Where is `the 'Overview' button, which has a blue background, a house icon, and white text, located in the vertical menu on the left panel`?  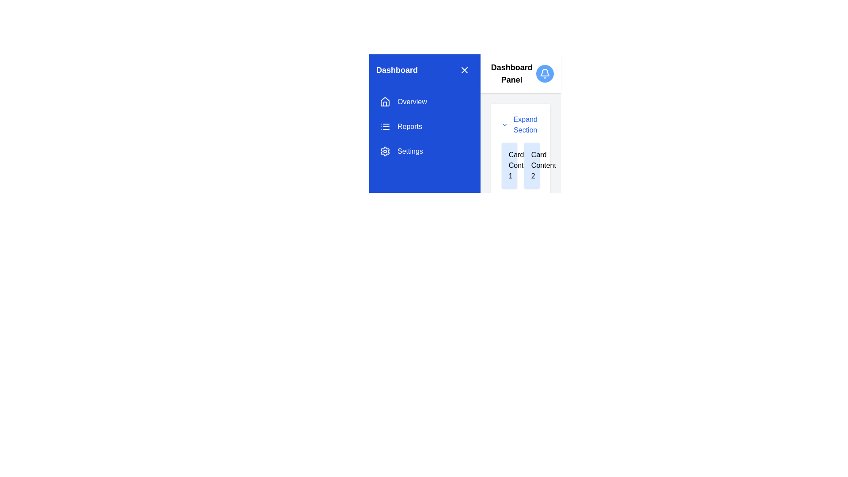
the 'Overview' button, which has a blue background, a house icon, and white text, located in the vertical menu on the left panel is located at coordinates (424, 102).